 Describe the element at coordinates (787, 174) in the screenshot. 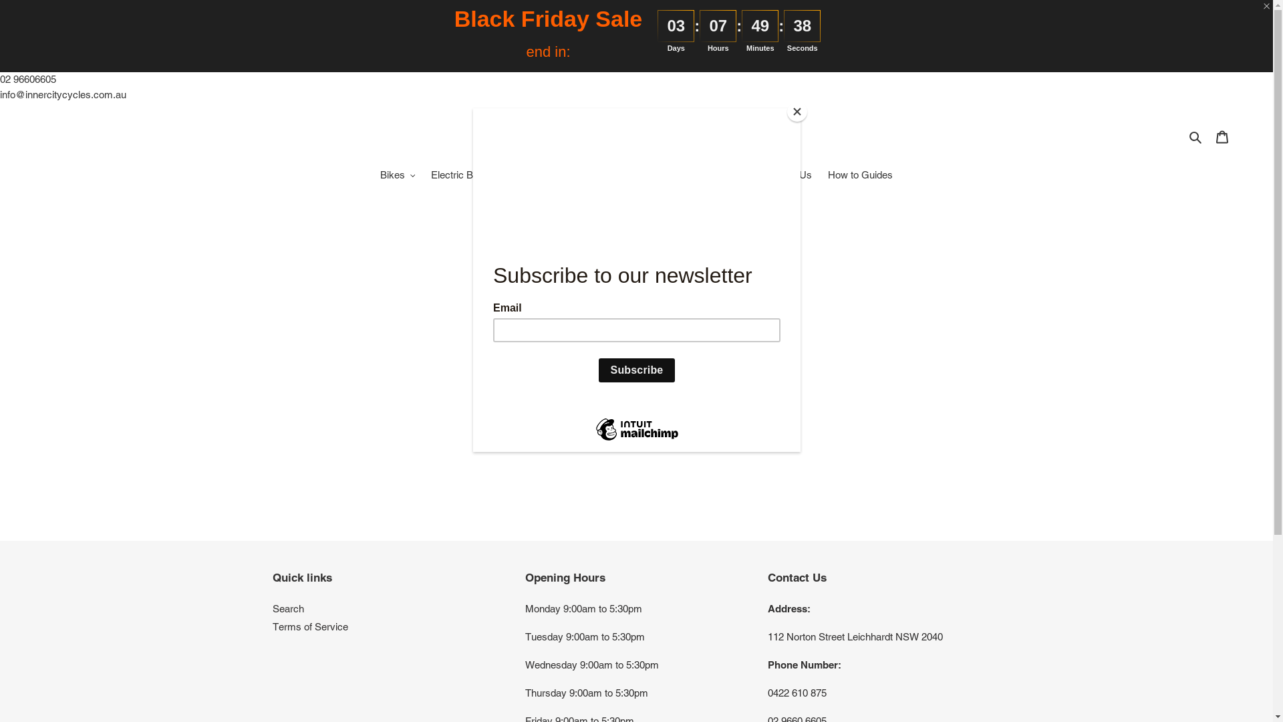

I see `'Contact Us'` at that location.